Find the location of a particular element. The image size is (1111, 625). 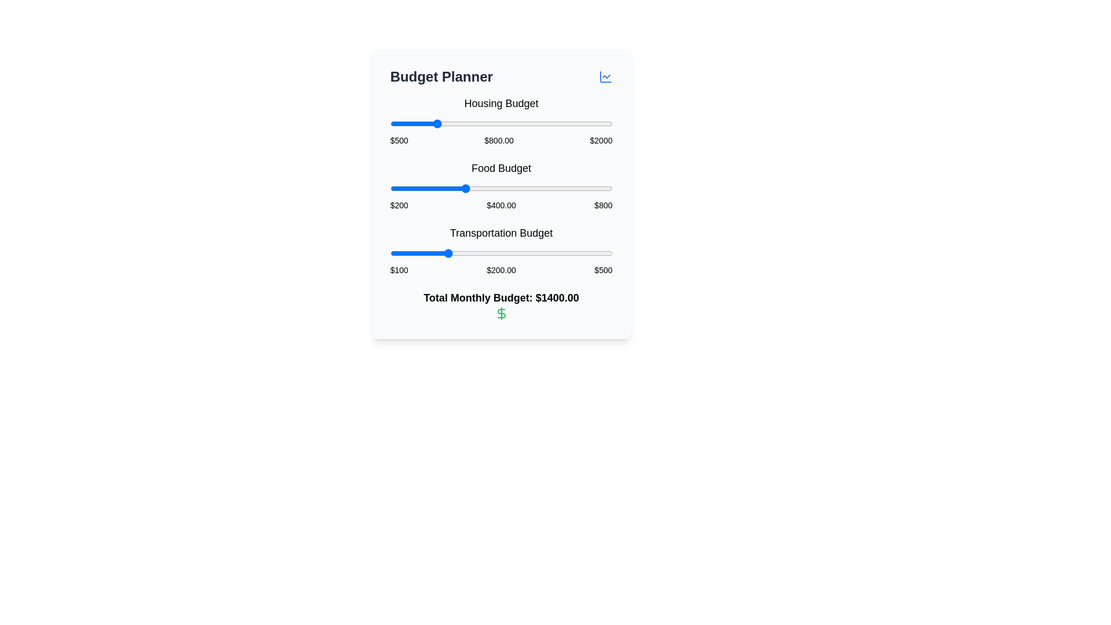

the housing budget slider is located at coordinates (590, 123).